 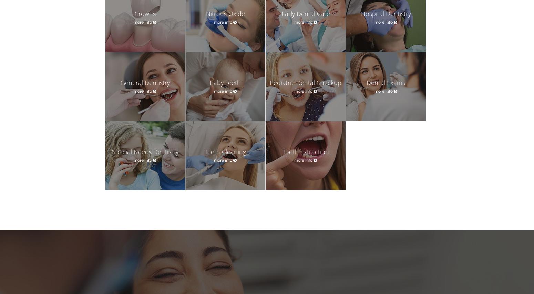 What do you see at coordinates (305, 13) in the screenshot?
I see `'Early Dental Care'` at bounding box center [305, 13].